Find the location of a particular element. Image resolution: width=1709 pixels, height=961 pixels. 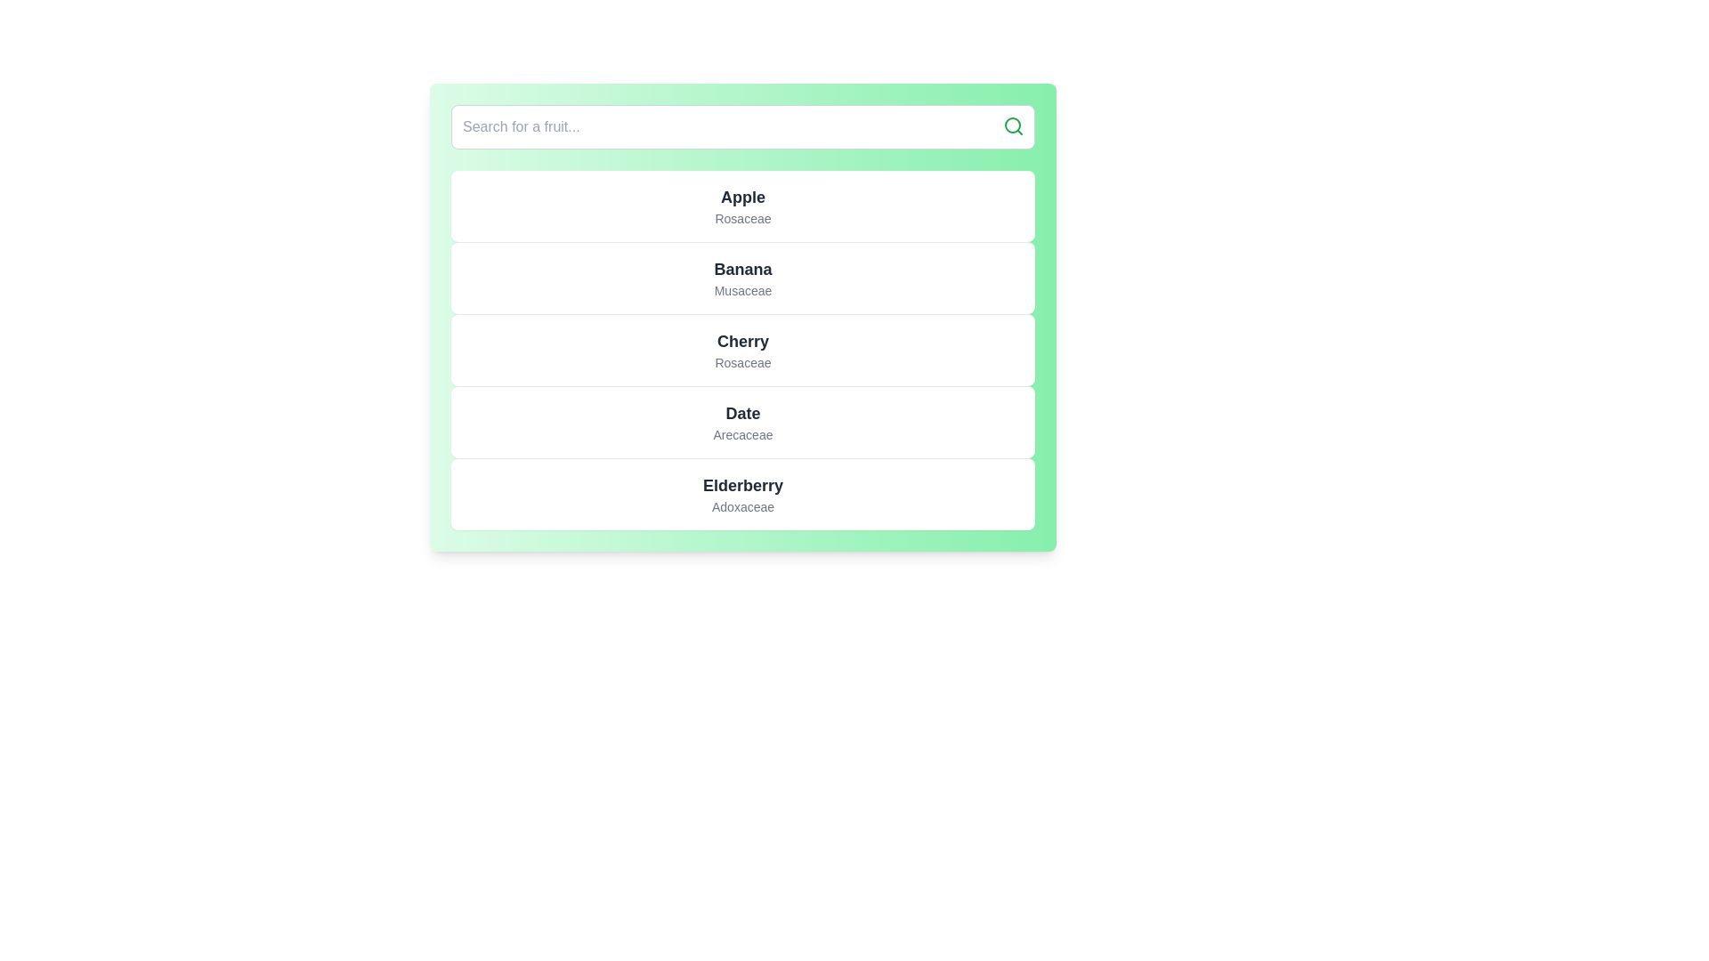

the third fruit card, which is positioned between the 'Banana' and 'Date' cards in a vertical list is located at coordinates (743, 350).